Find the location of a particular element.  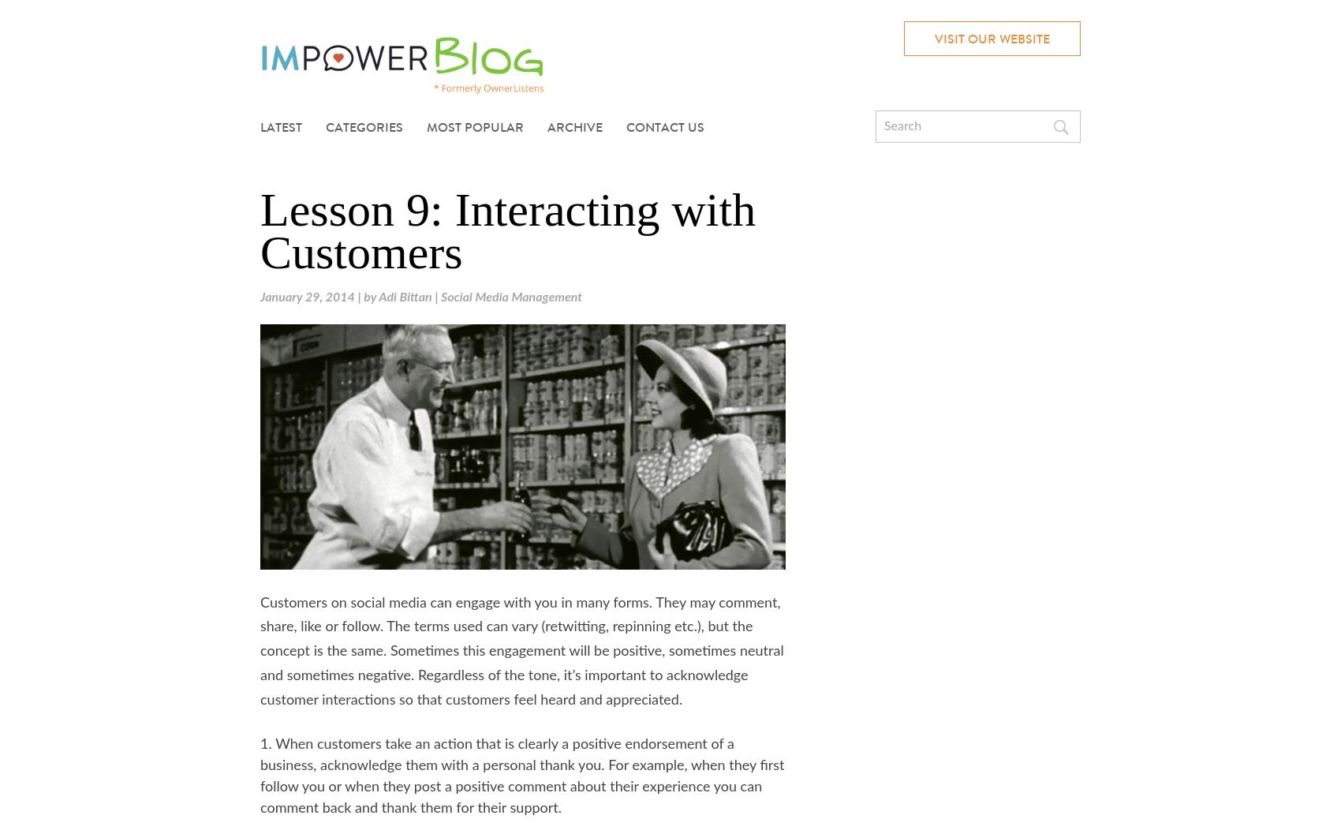

'Customers on social media can engage with you in many forms. They may comment, share, like or follow. The terms used can vary (retwitting, repinning etc.), but the concept is the same. Sometimes this engagement will be positive, sometimes neutral and sometimes negative. Regardless of the tone, it’s important to acknowledge customer interactions so that customers feel heard and appreciated.' is located at coordinates (259, 652).